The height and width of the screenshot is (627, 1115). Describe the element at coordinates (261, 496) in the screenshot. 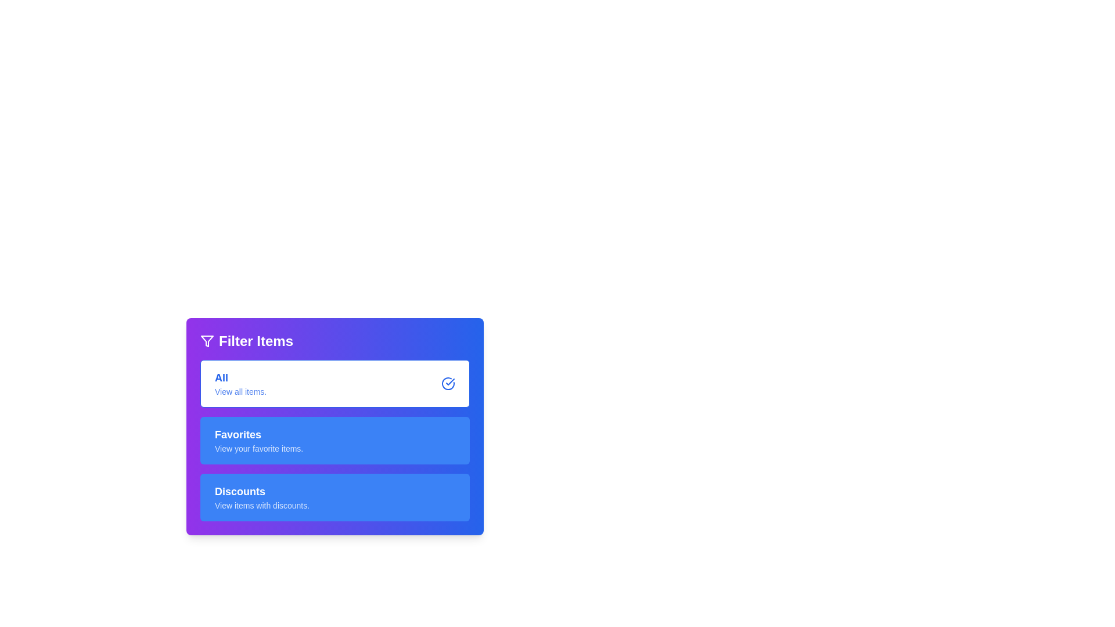

I see `the 'Discounts' button located in the 'Filter Items' panel` at that location.